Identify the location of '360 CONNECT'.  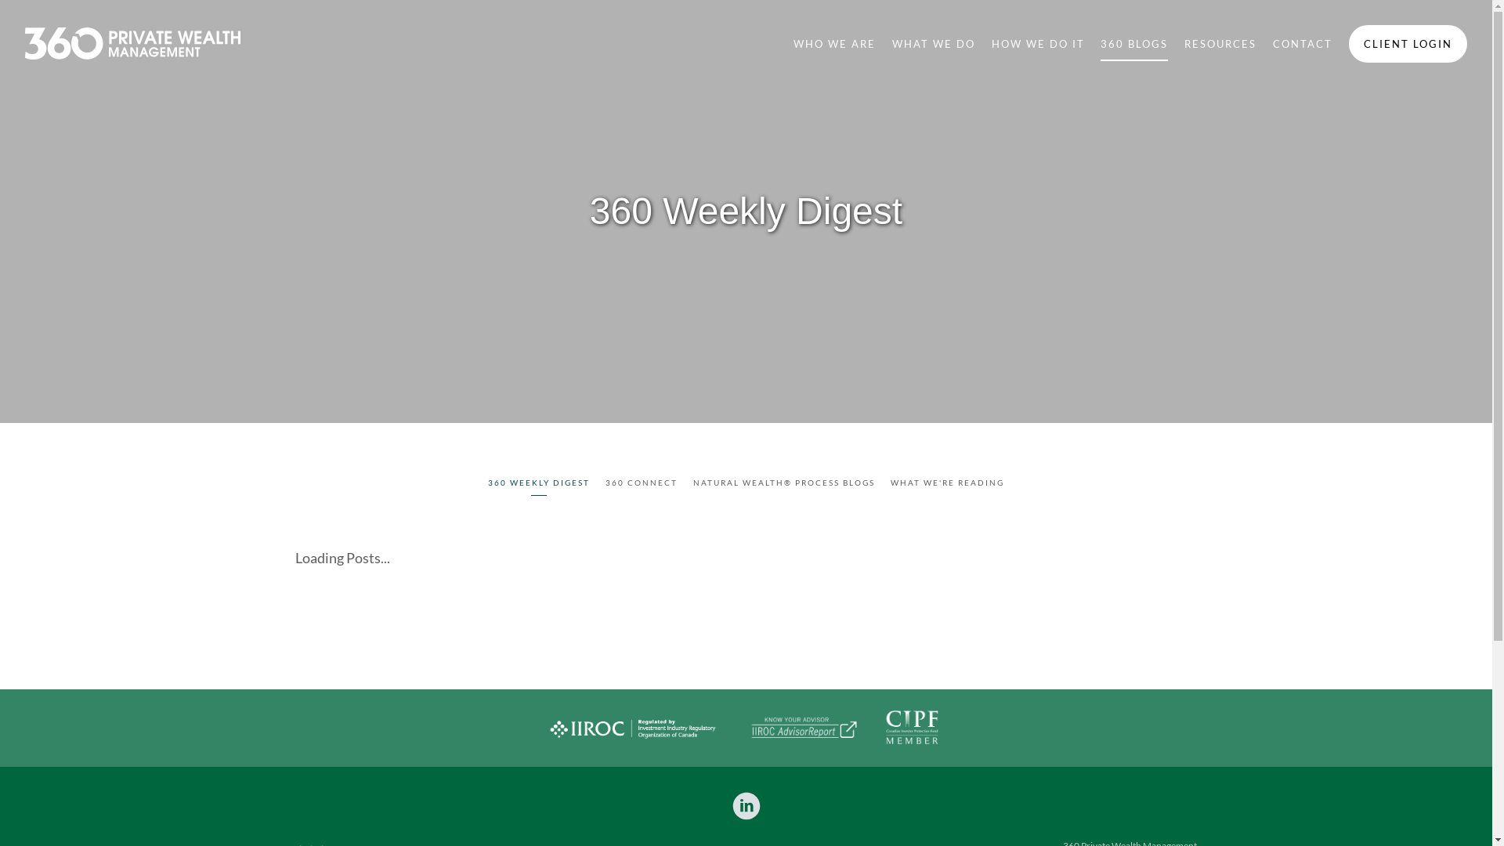
(642, 483).